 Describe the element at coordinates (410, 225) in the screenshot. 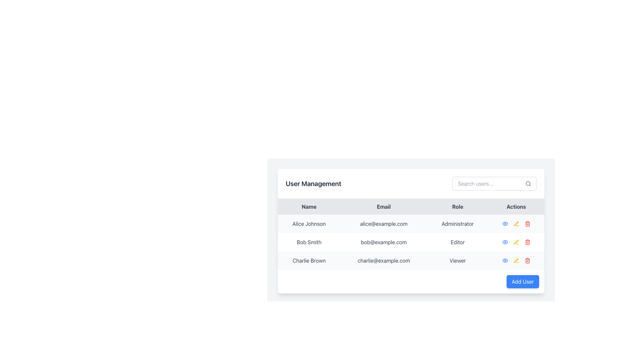

I see `the details of a user by clicking on the Data Table located below the 'User Management' heading` at that location.